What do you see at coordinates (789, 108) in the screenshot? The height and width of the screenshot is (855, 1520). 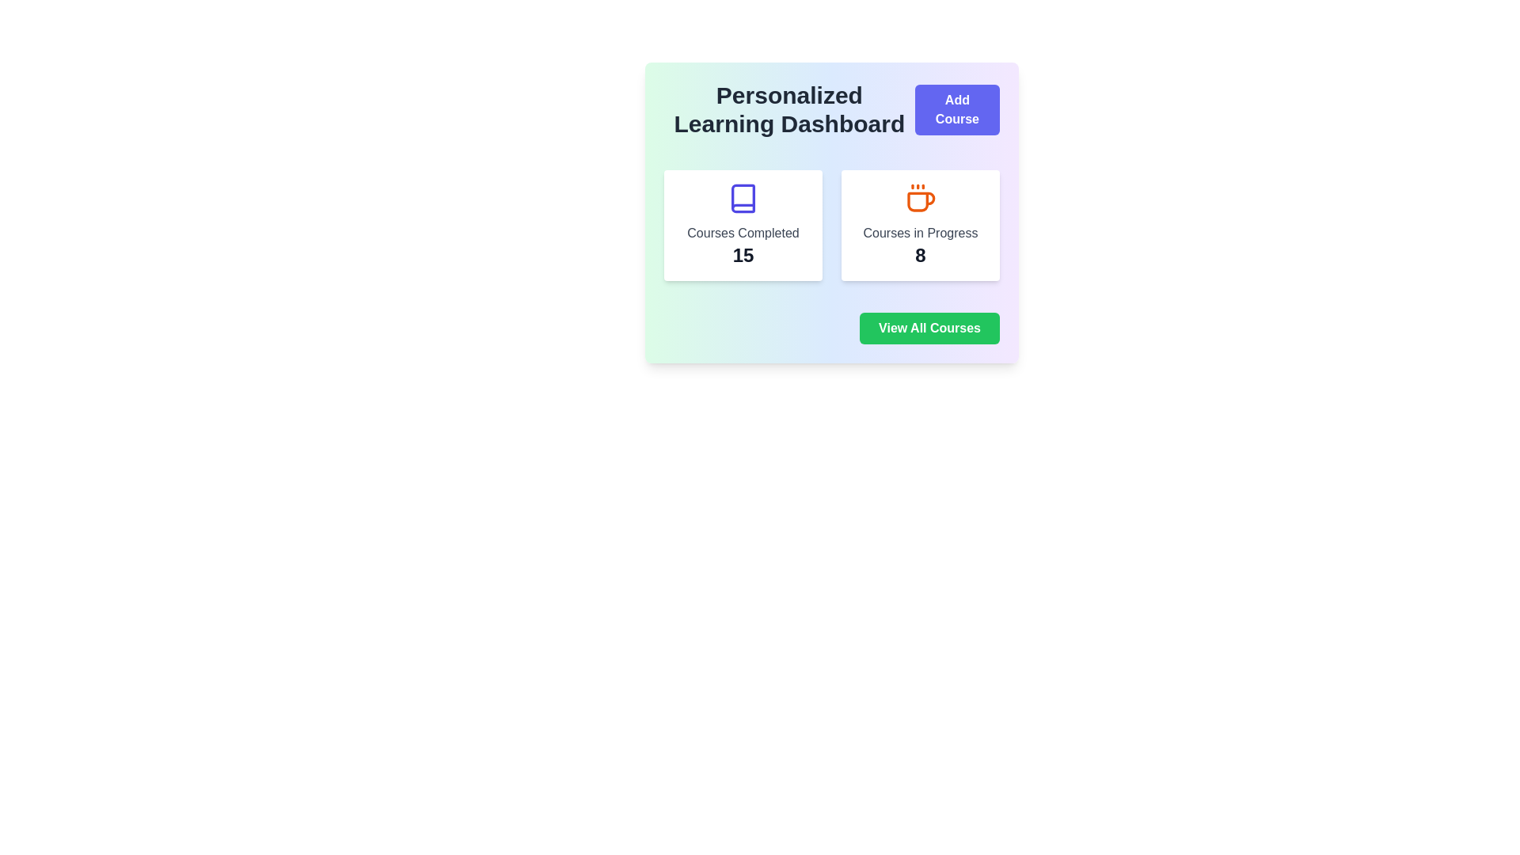 I see `the text block displaying 'Personalized Learning Dashboard' in large, bold font, styled in dark gray against a light gradient background` at bounding box center [789, 108].